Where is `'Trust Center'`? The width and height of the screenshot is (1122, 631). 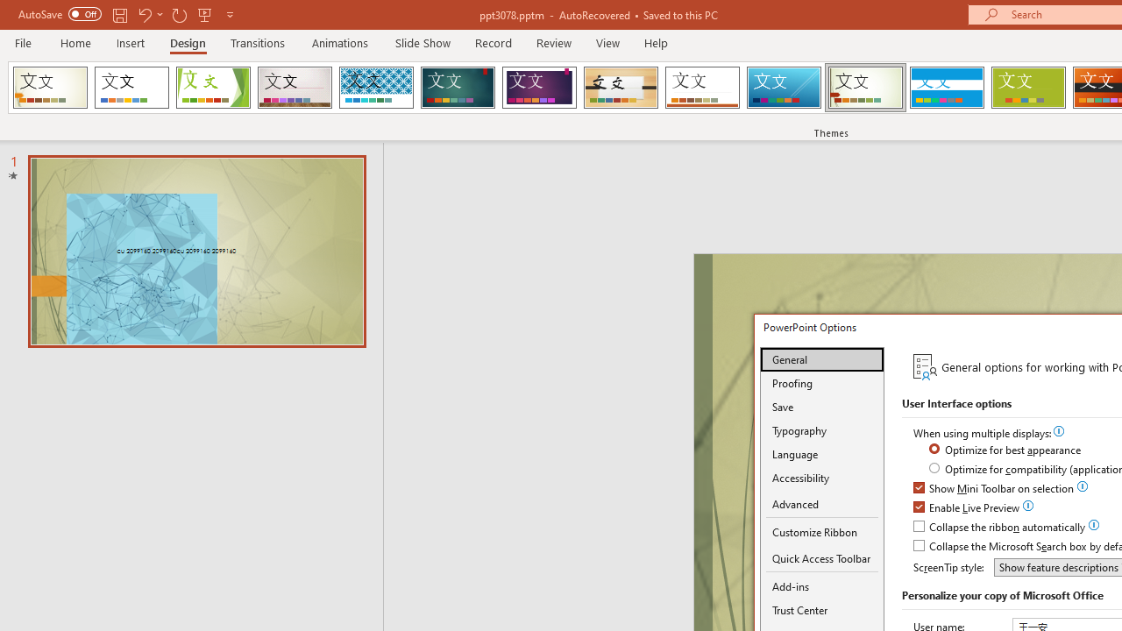
'Trust Center' is located at coordinates (821, 609).